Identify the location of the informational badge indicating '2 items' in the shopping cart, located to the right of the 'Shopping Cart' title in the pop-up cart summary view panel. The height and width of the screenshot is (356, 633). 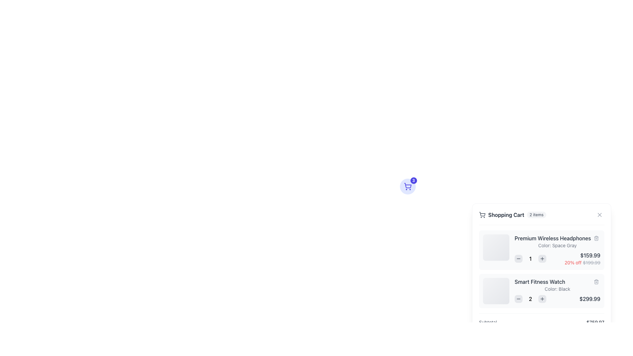
(536, 215).